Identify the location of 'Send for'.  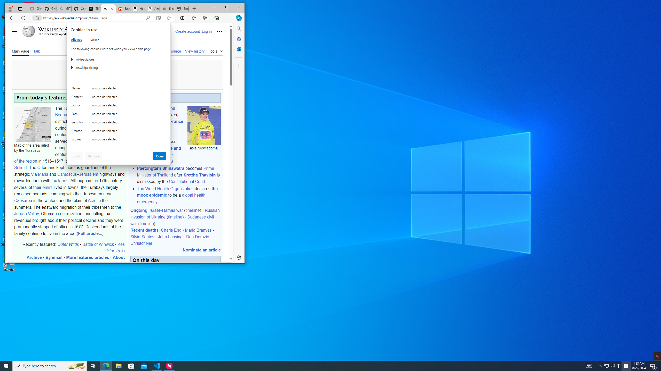
(78, 123).